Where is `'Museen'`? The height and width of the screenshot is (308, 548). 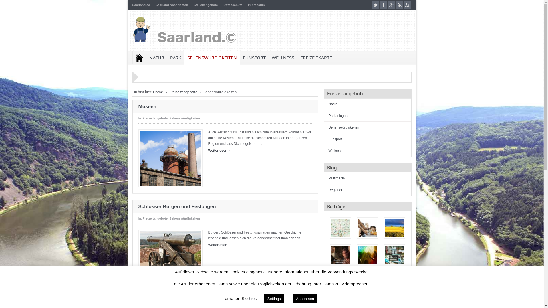
'Museen' is located at coordinates (170, 158).